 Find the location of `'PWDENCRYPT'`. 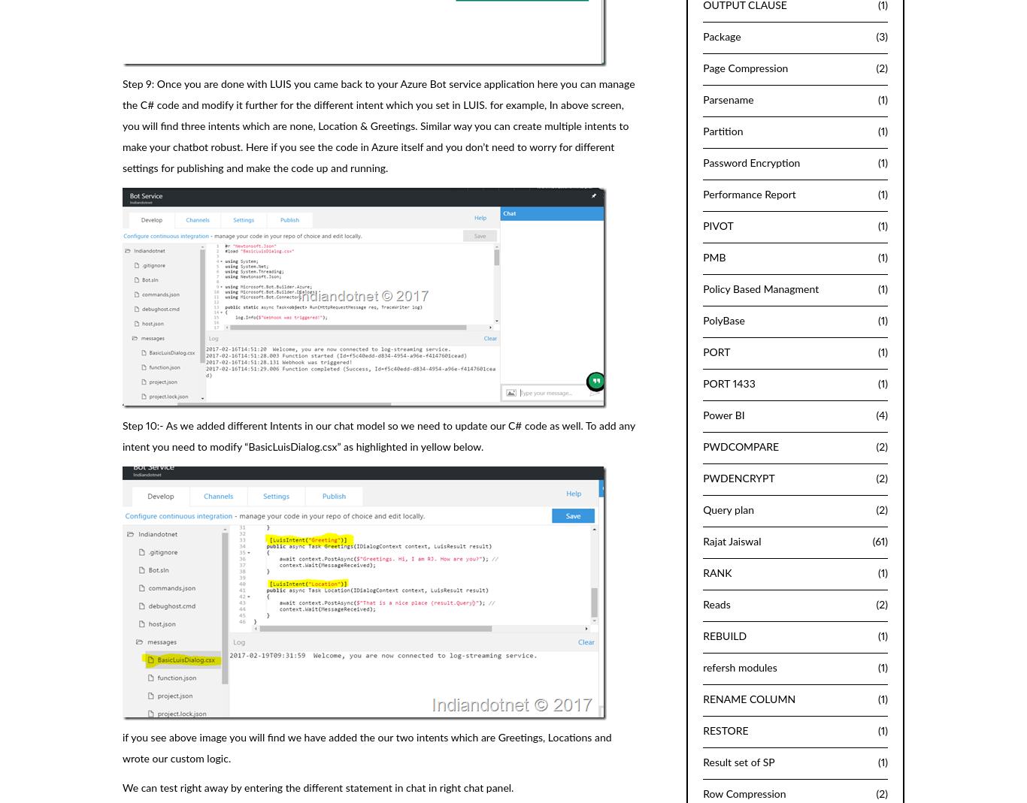

'PWDENCRYPT' is located at coordinates (703, 478).